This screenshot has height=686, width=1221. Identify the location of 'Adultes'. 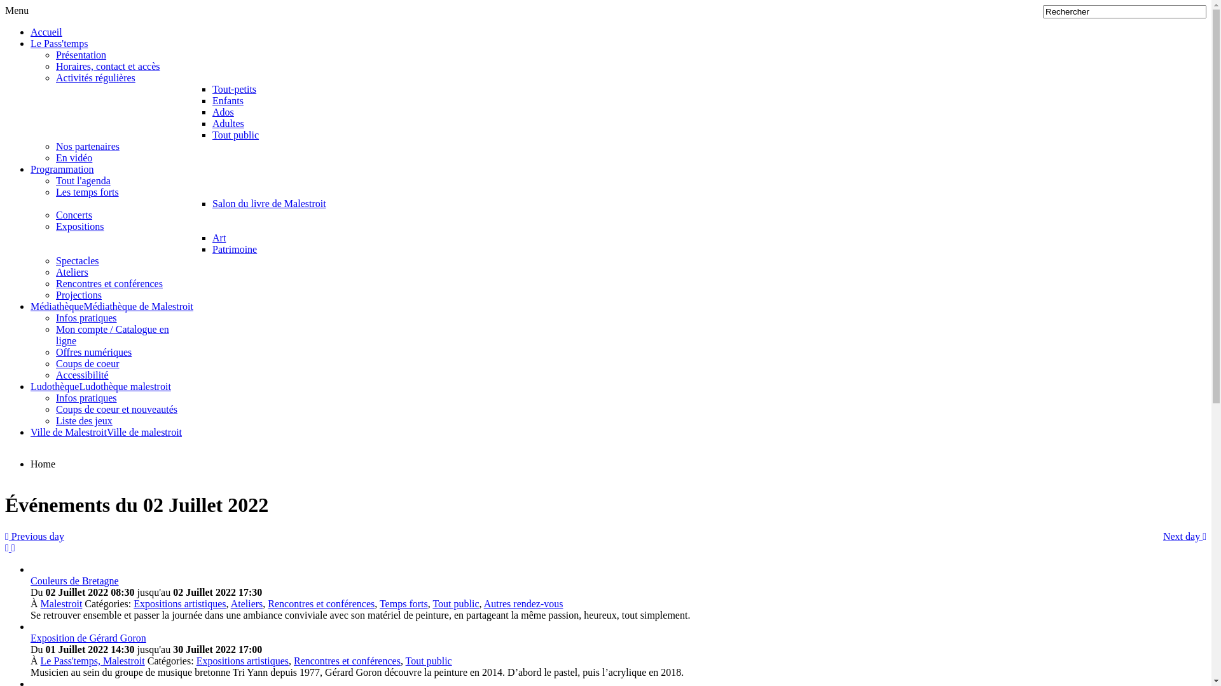
(228, 123).